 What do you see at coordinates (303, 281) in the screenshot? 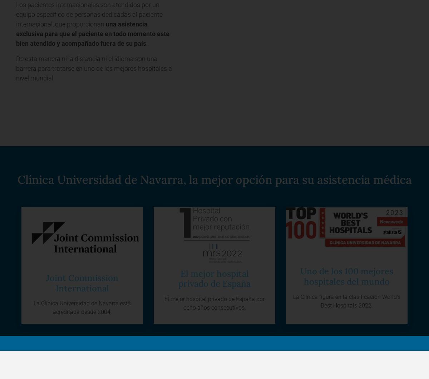
I see `'hospitales del mundo'` at bounding box center [303, 281].